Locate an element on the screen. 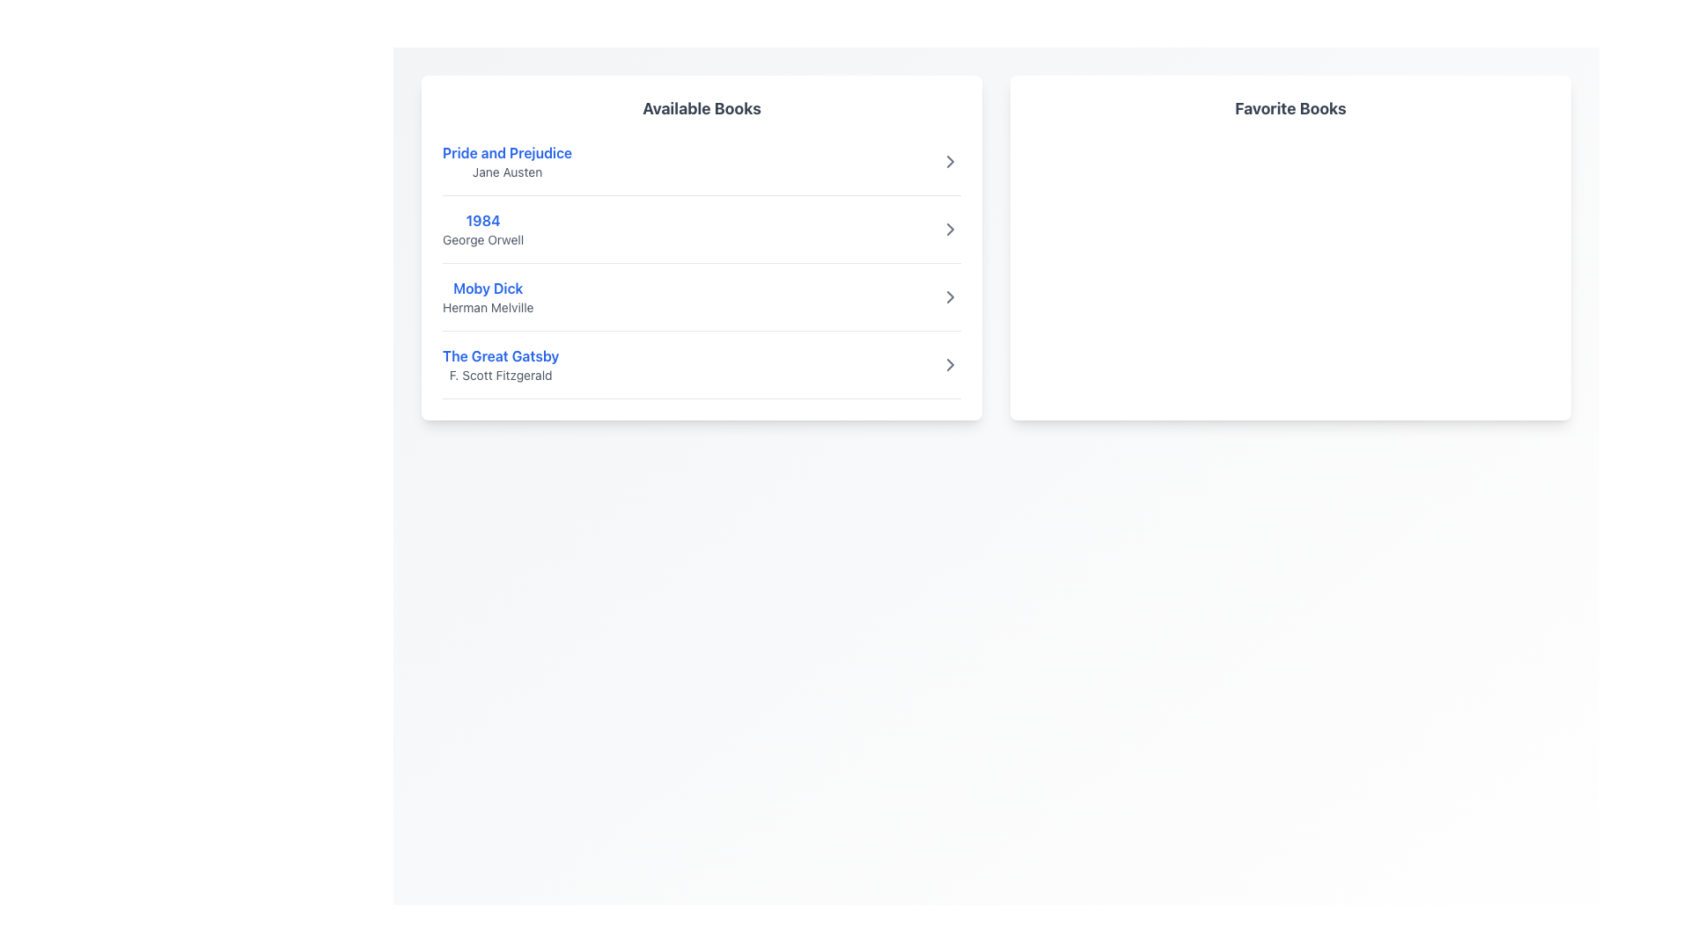  the text label displaying information about the book 'The Great Gatsby' in the 'Available Books' section, which is the fourth item in the list is located at coordinates (500, 364).